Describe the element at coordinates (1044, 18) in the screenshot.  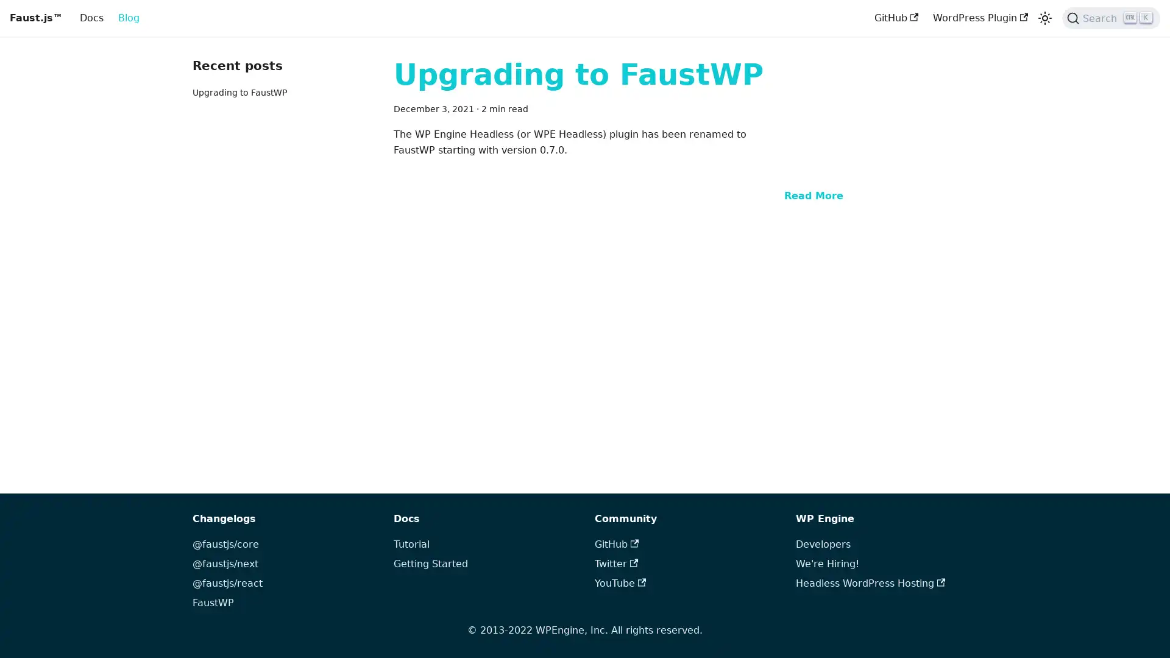
I see `Switch between dark and light mode (currently light mode)` at that location.